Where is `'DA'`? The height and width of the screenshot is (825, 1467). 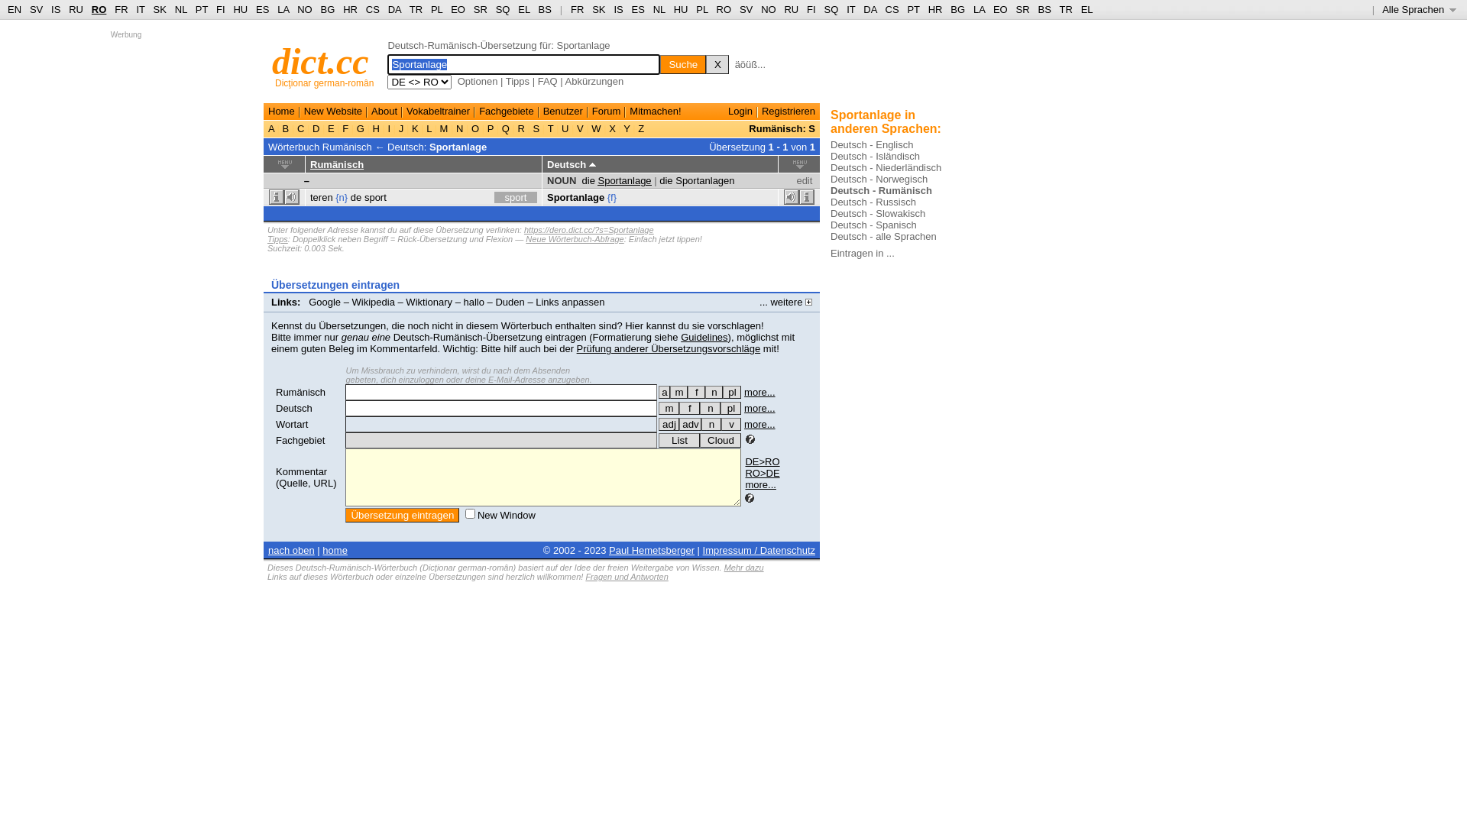
'DA' is located at coordinates (870, 9).